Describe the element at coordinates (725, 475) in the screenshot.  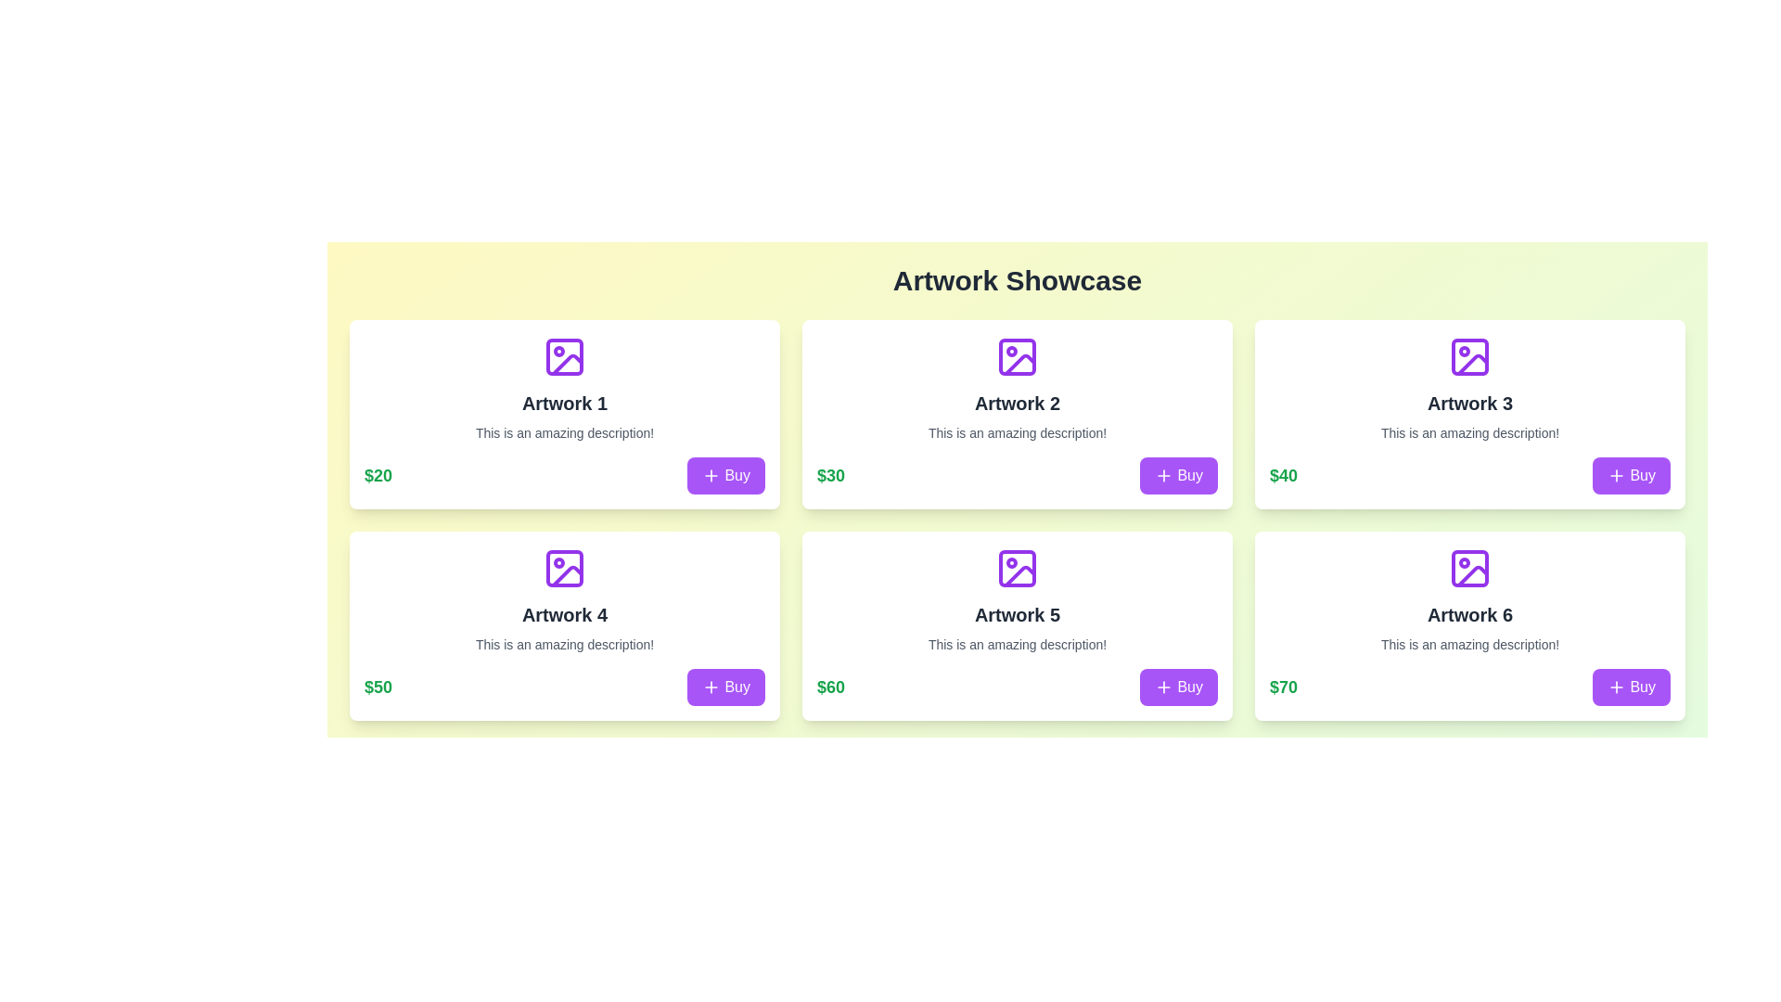
I see `the '+ Buy' button` at that location.